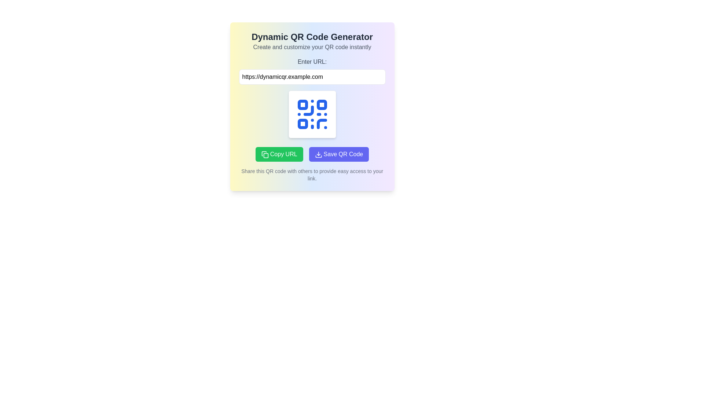 Image resolution: width=704 pixels, height=396 pixels. I want to click on icon styled as a duplicate or copy symbol located left of the 'Copy URL' text in the green button for design purposes, so click(264, 154).